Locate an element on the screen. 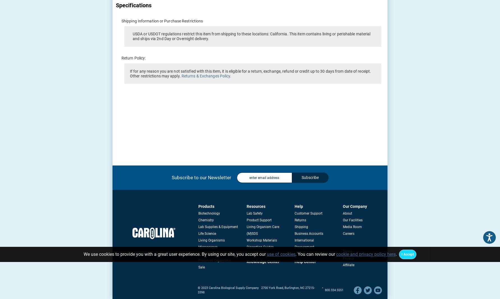 The height and width of the screenshot is (299, 500). 'USDA or USDOT regulations restrict this item from shipping to these locations: California. This item contains living or perishable material and ships via 2nd Day or Overnight delivery.' is located at coordinates (251, 36).